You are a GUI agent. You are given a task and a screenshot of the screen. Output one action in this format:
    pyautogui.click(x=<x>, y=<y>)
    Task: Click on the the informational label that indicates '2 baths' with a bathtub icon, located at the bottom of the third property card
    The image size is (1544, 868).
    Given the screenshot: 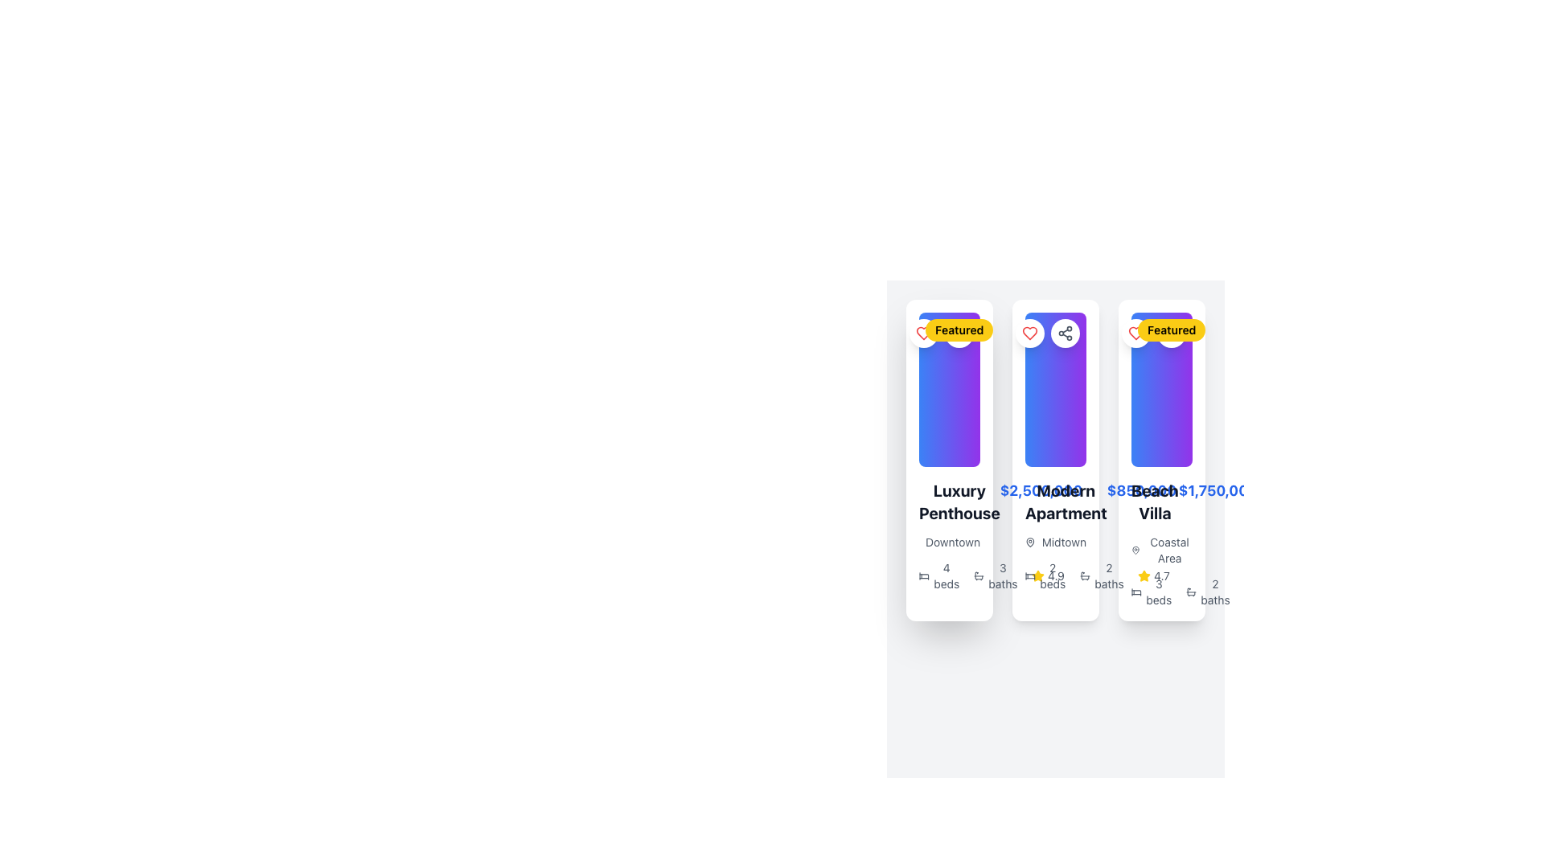 What is the action you would take?
    pyautogui.click(x=1215, y=592)
    